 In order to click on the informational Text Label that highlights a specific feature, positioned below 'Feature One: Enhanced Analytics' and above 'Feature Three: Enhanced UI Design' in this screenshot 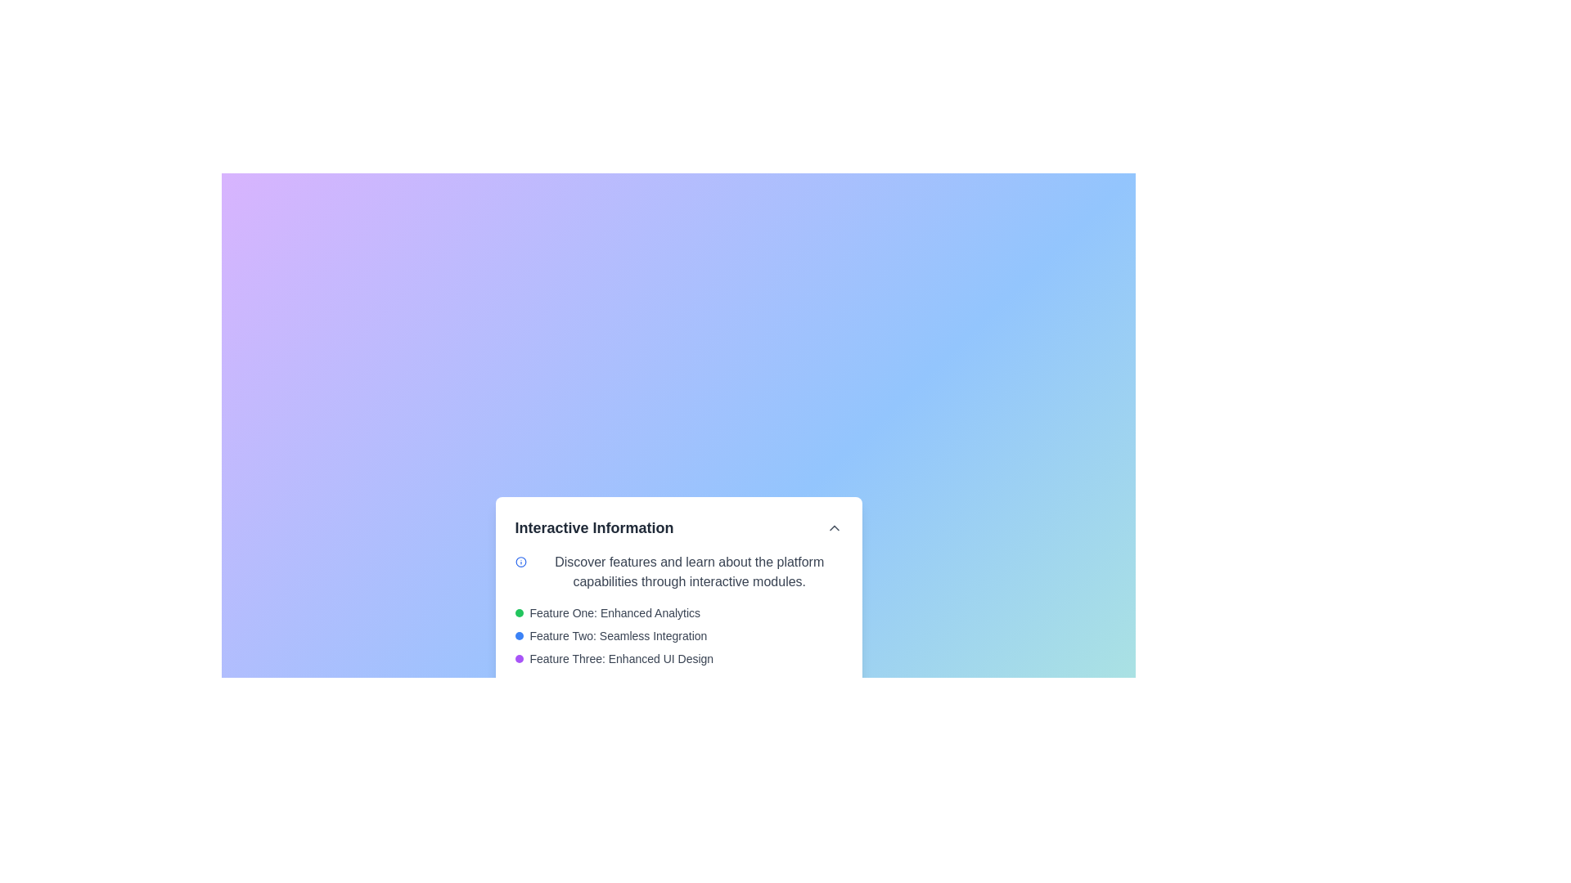, I will do `click(617, 635)`.